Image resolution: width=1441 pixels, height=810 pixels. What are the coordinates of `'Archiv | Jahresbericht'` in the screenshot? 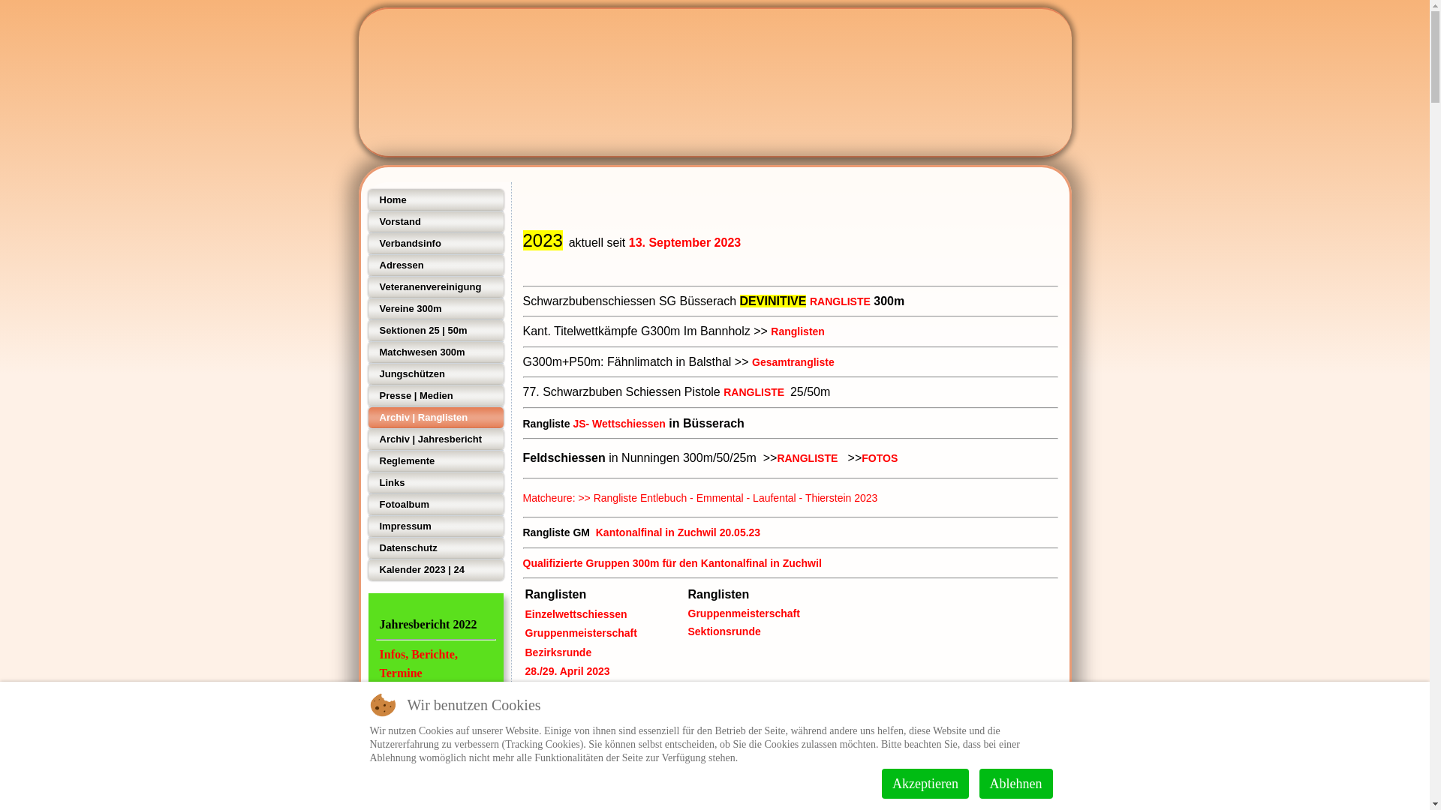 It's located at (435, 439).